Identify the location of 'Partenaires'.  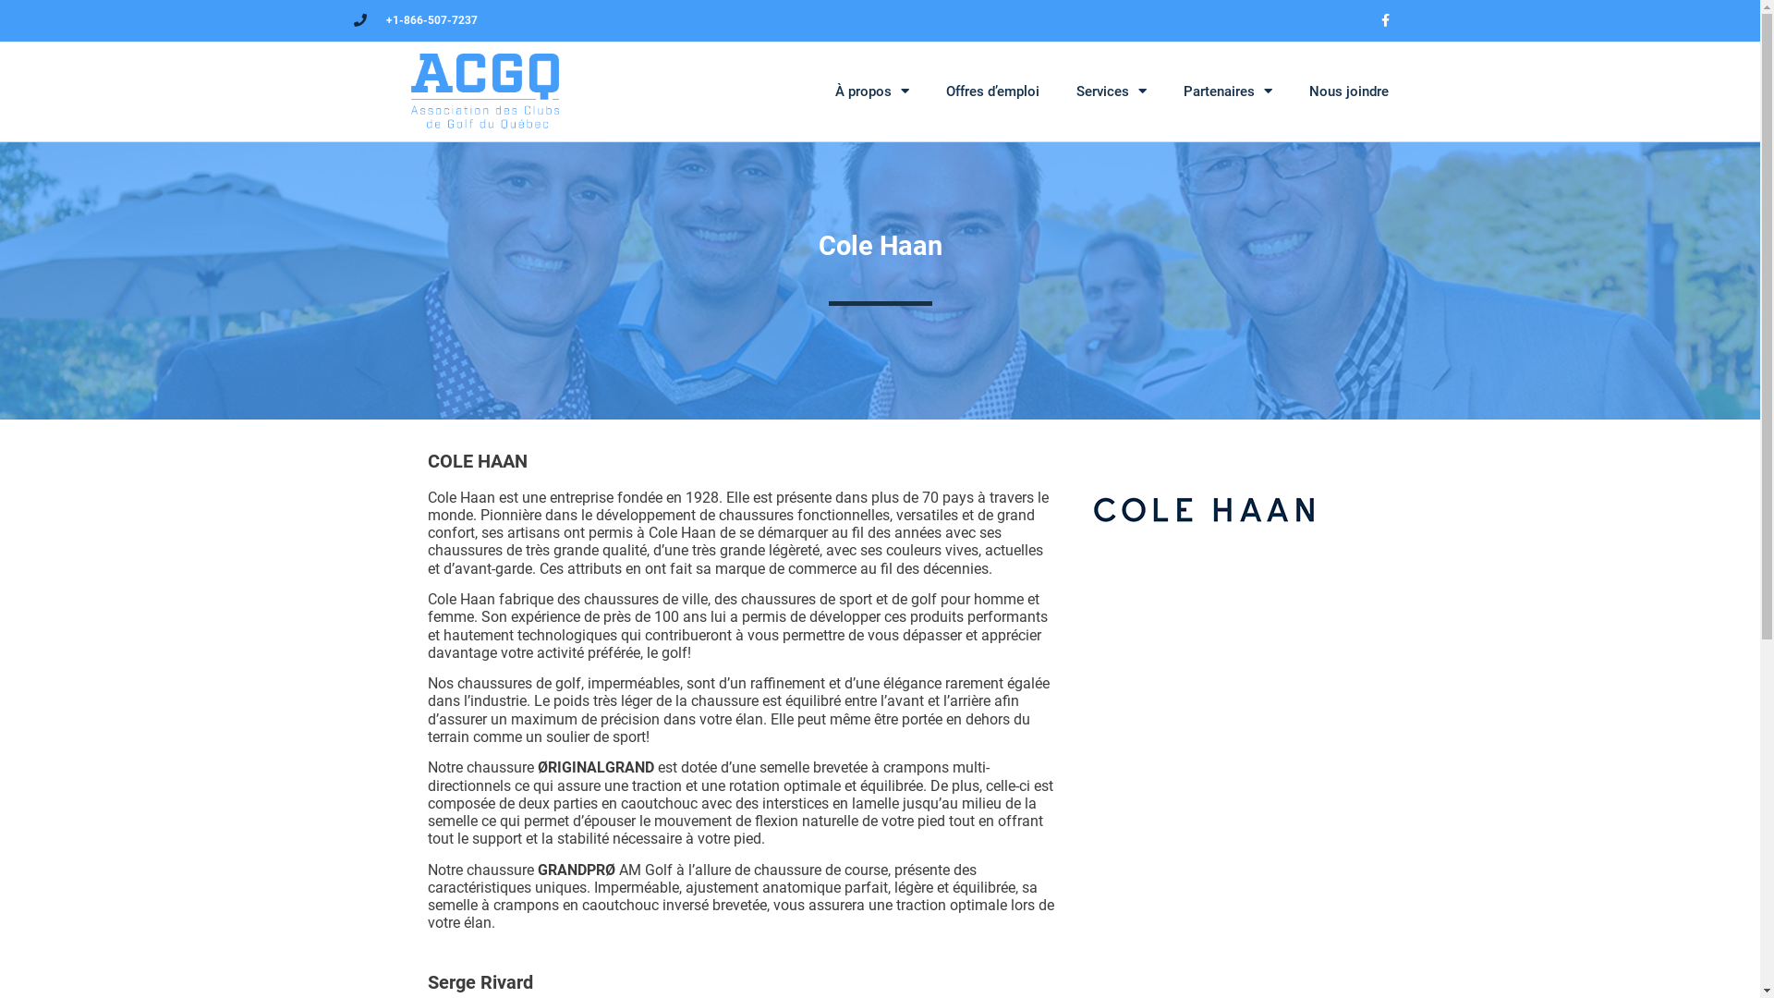
(1162, 91).